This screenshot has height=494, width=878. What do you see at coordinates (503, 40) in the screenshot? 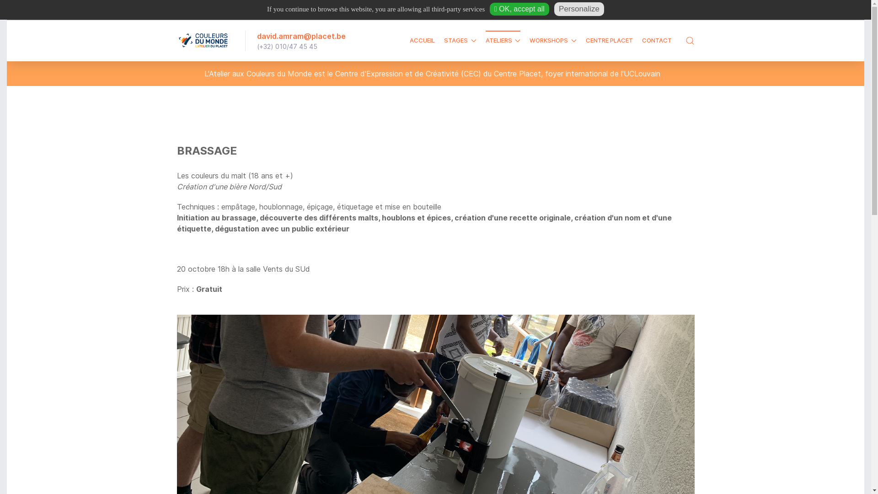
I see `'ATELIERS'` at bounding box center [503, 40].